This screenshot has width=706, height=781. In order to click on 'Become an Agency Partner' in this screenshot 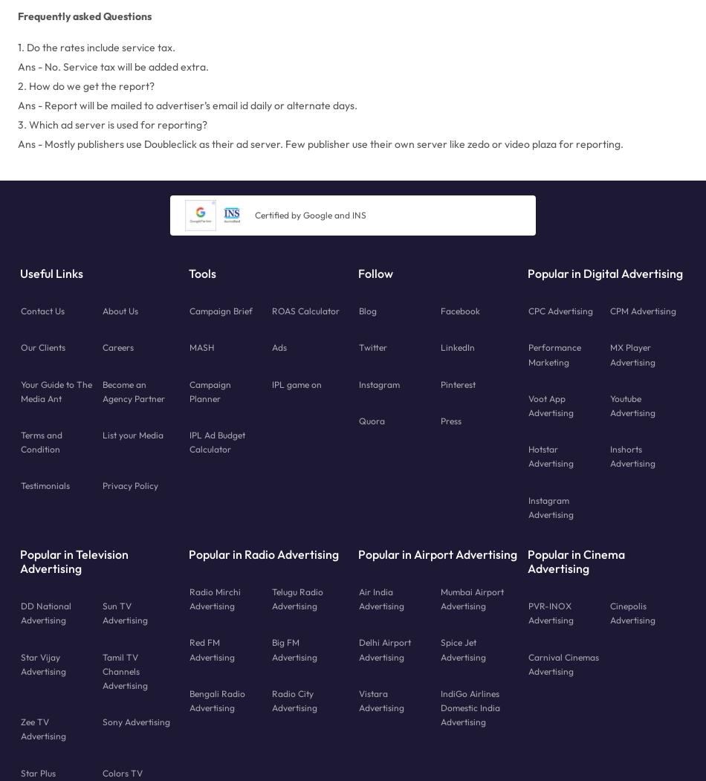, I will do `click(134, 391)`.